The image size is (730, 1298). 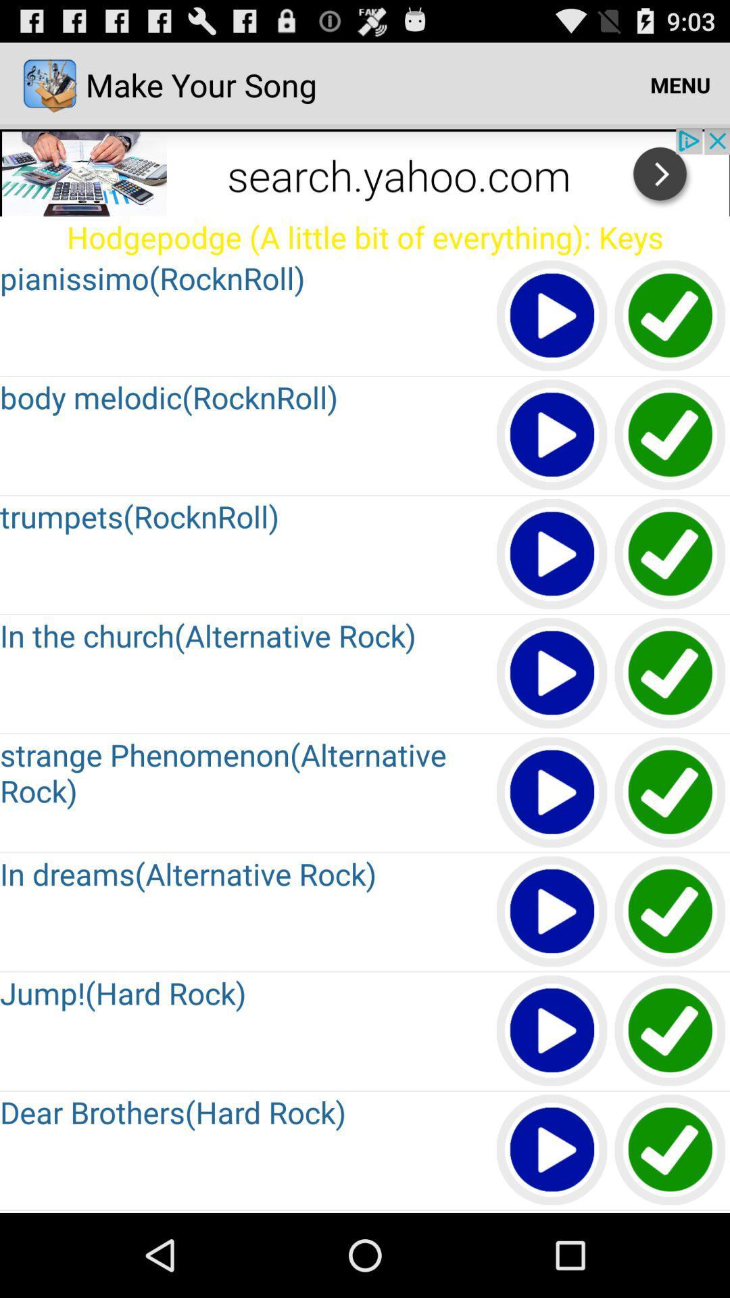 What do you see at coordinates (671, 674) in the screenshot?
I see `ride pega` at bounding box center [671, 674].